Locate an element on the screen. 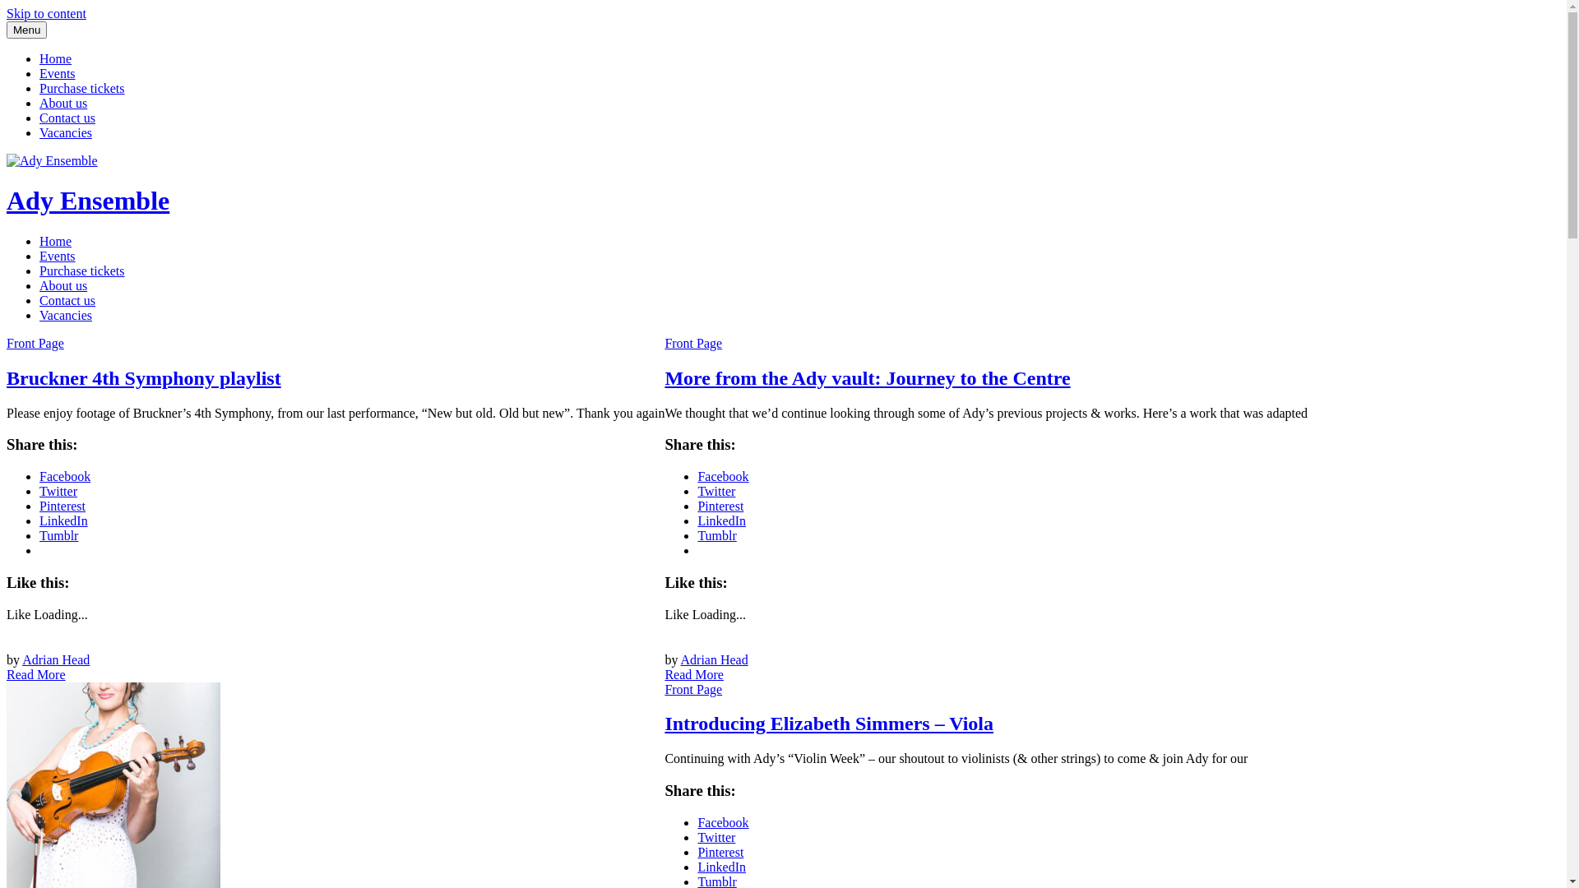 This screenshot has width=1579, height=888. 'Facebook' is located at coordinates (722, 822).